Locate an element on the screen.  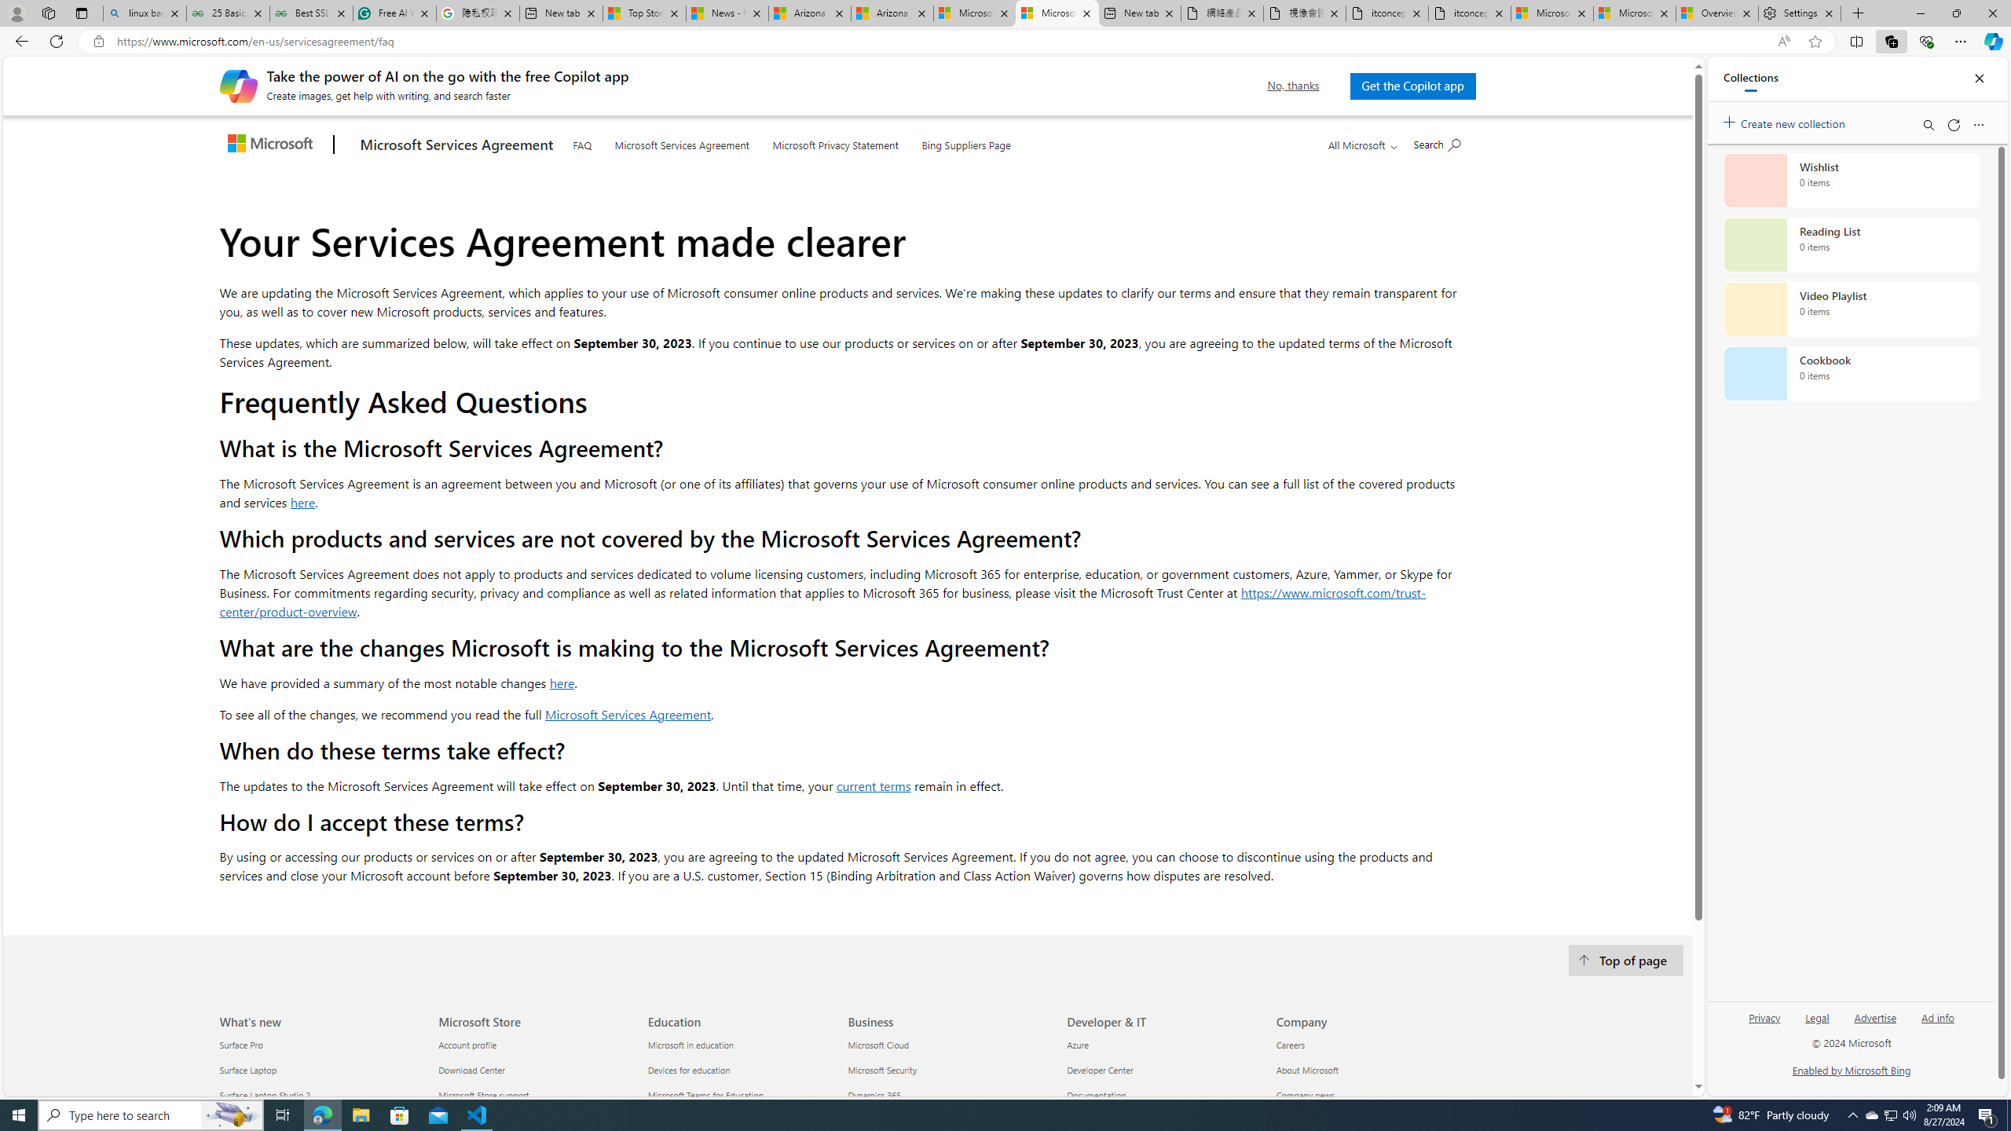
'Microsoft Privacy Statement' is located at coordinates (835, 141).